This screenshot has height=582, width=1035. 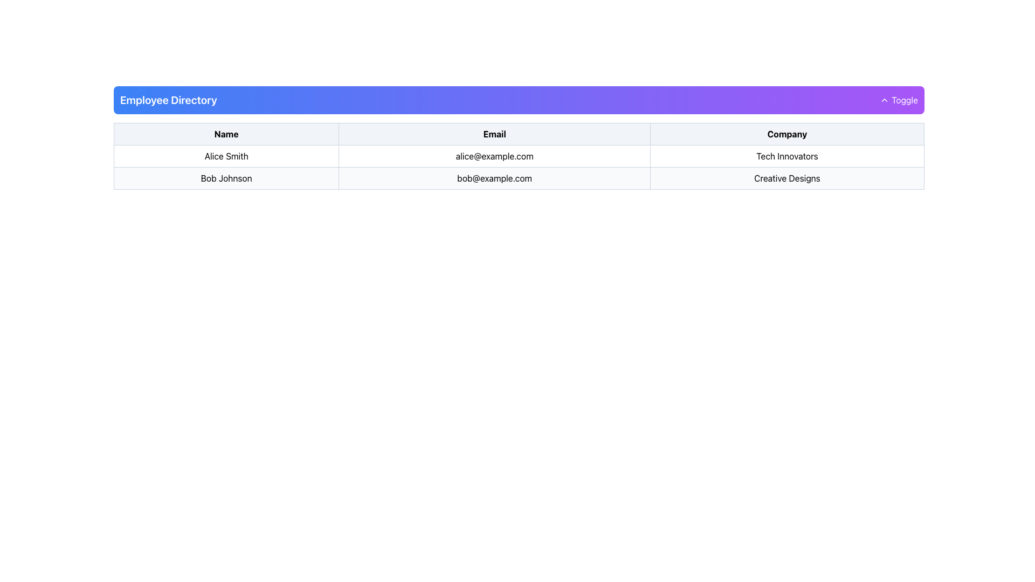 I want to click on the 'Company' column header cell in the table, which is the third cell in the header row following 'Name' and 'Email', so click(x=787, y=134).